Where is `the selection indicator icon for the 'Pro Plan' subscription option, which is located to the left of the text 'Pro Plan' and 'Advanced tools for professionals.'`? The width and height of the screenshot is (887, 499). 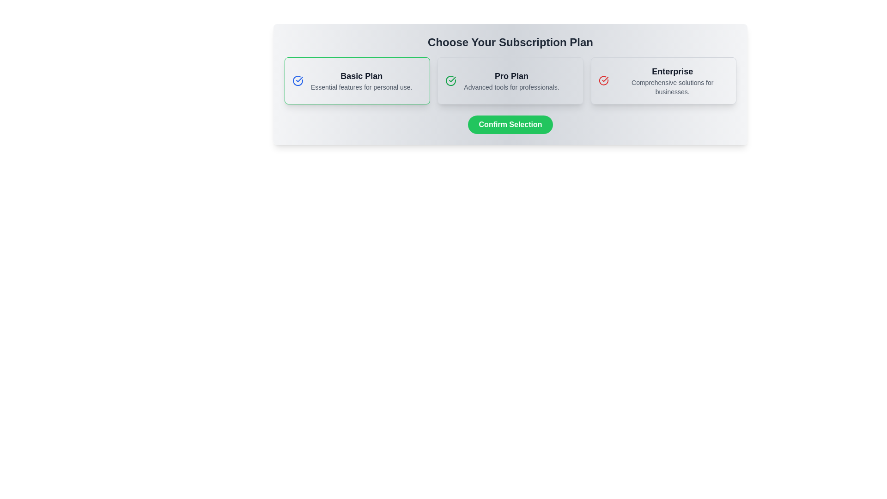
the selection indicator icon for the 'Pro Plan' subscription option, which is located to the left of the text 'Pro Plan' and 'Advanced tools for professionals.' is located at coordinates (451, 80).